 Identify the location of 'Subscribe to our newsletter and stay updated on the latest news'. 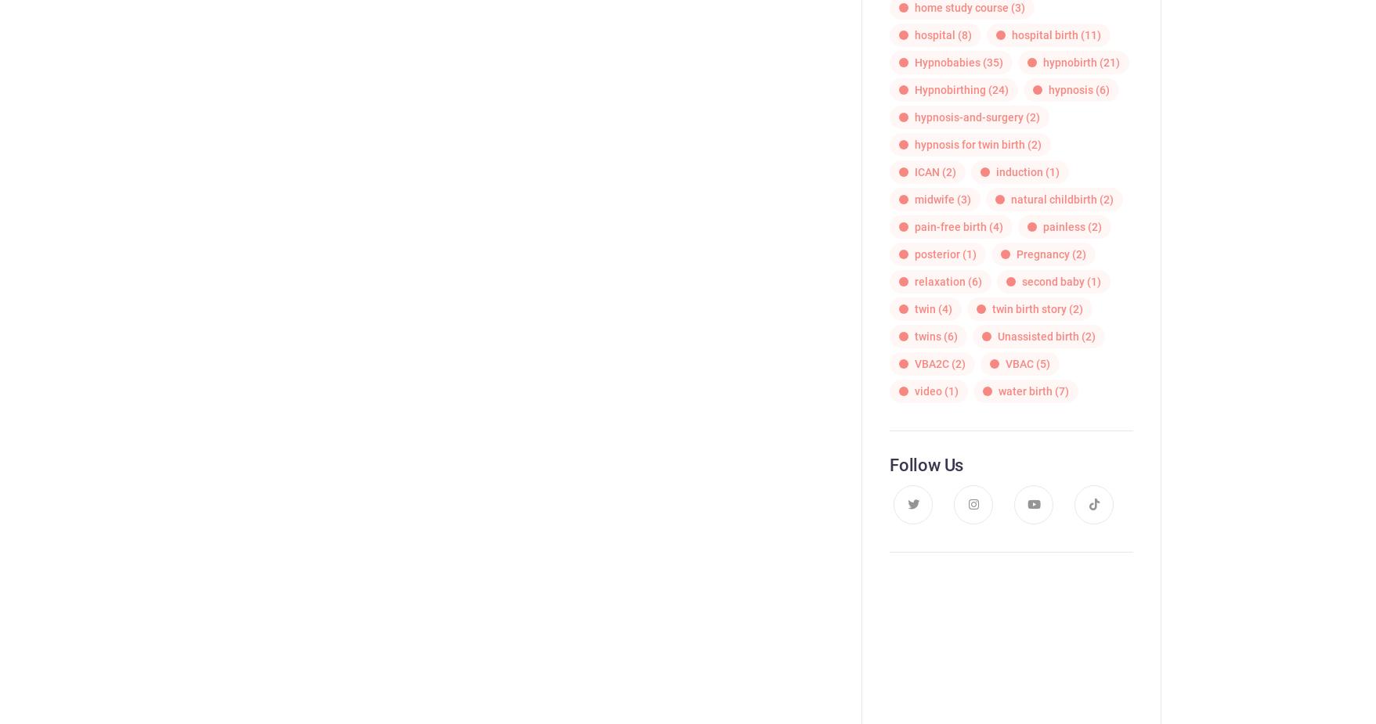
(1011, 686).